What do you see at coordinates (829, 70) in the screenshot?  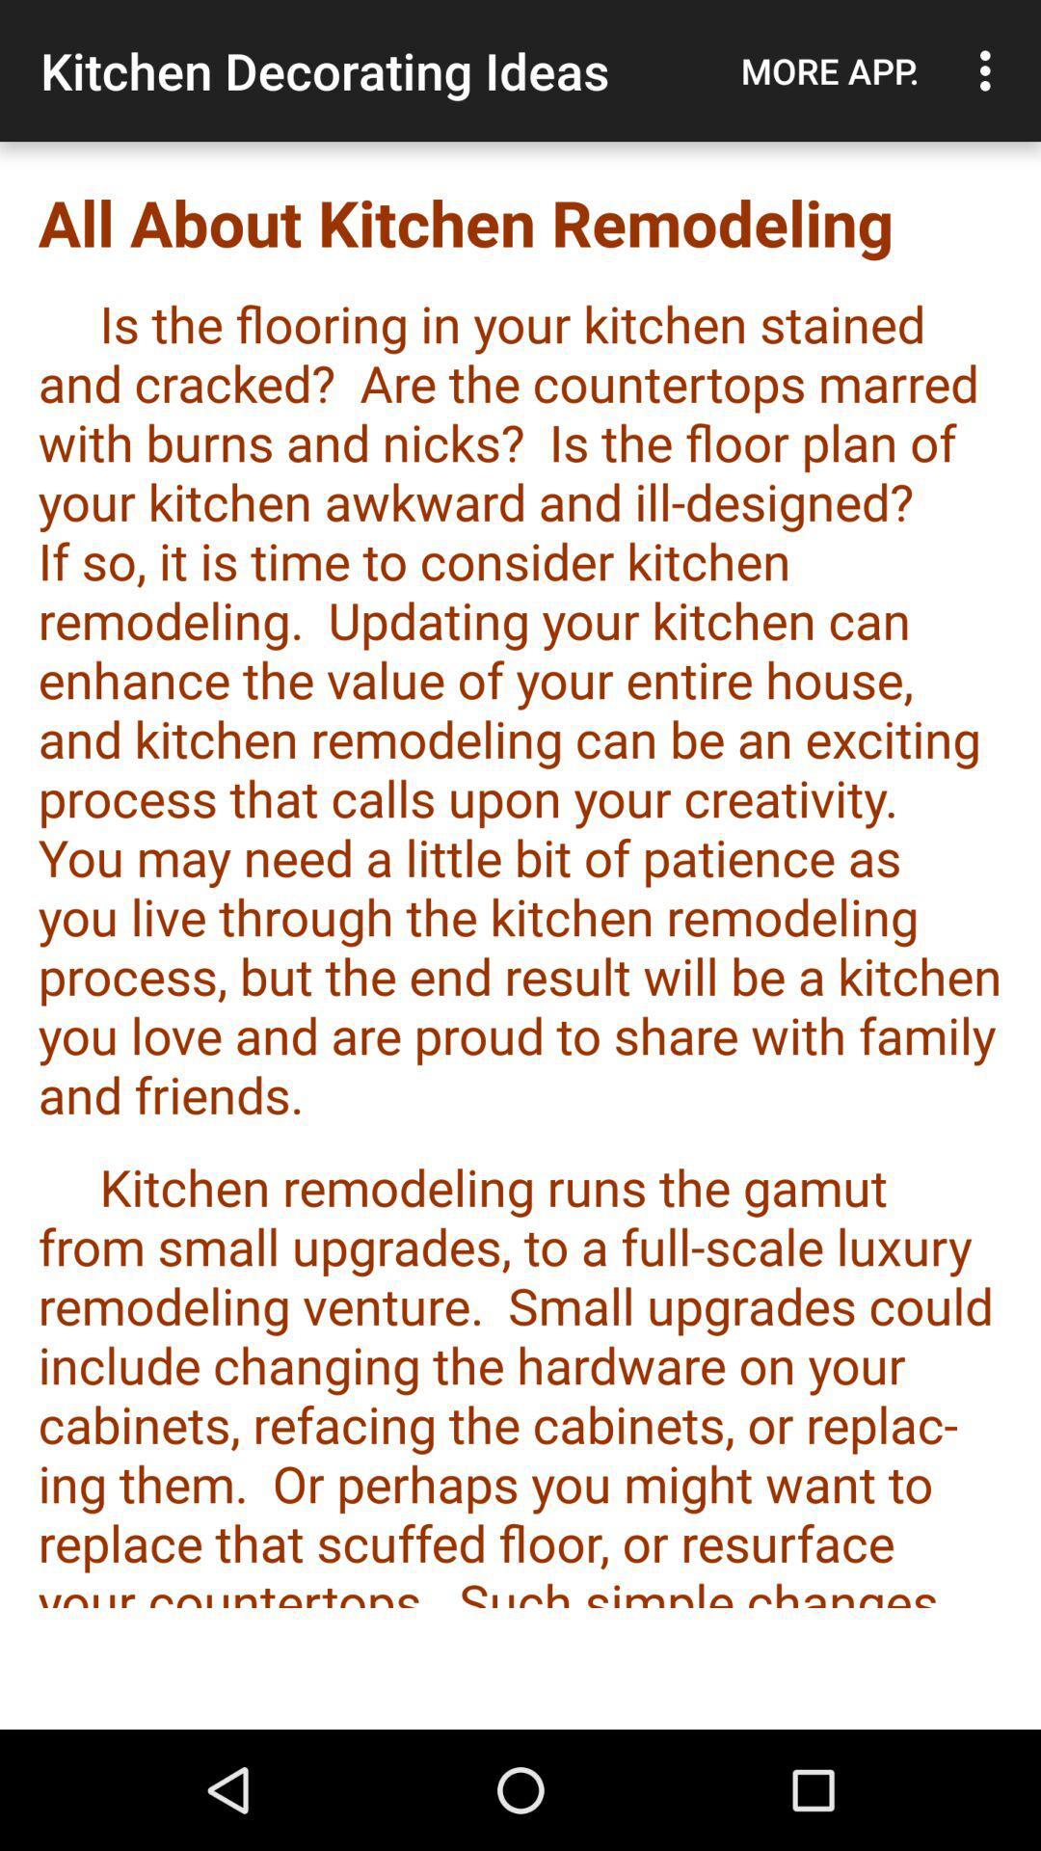 I see `the more app. icon` at bounding box center [829, 70].